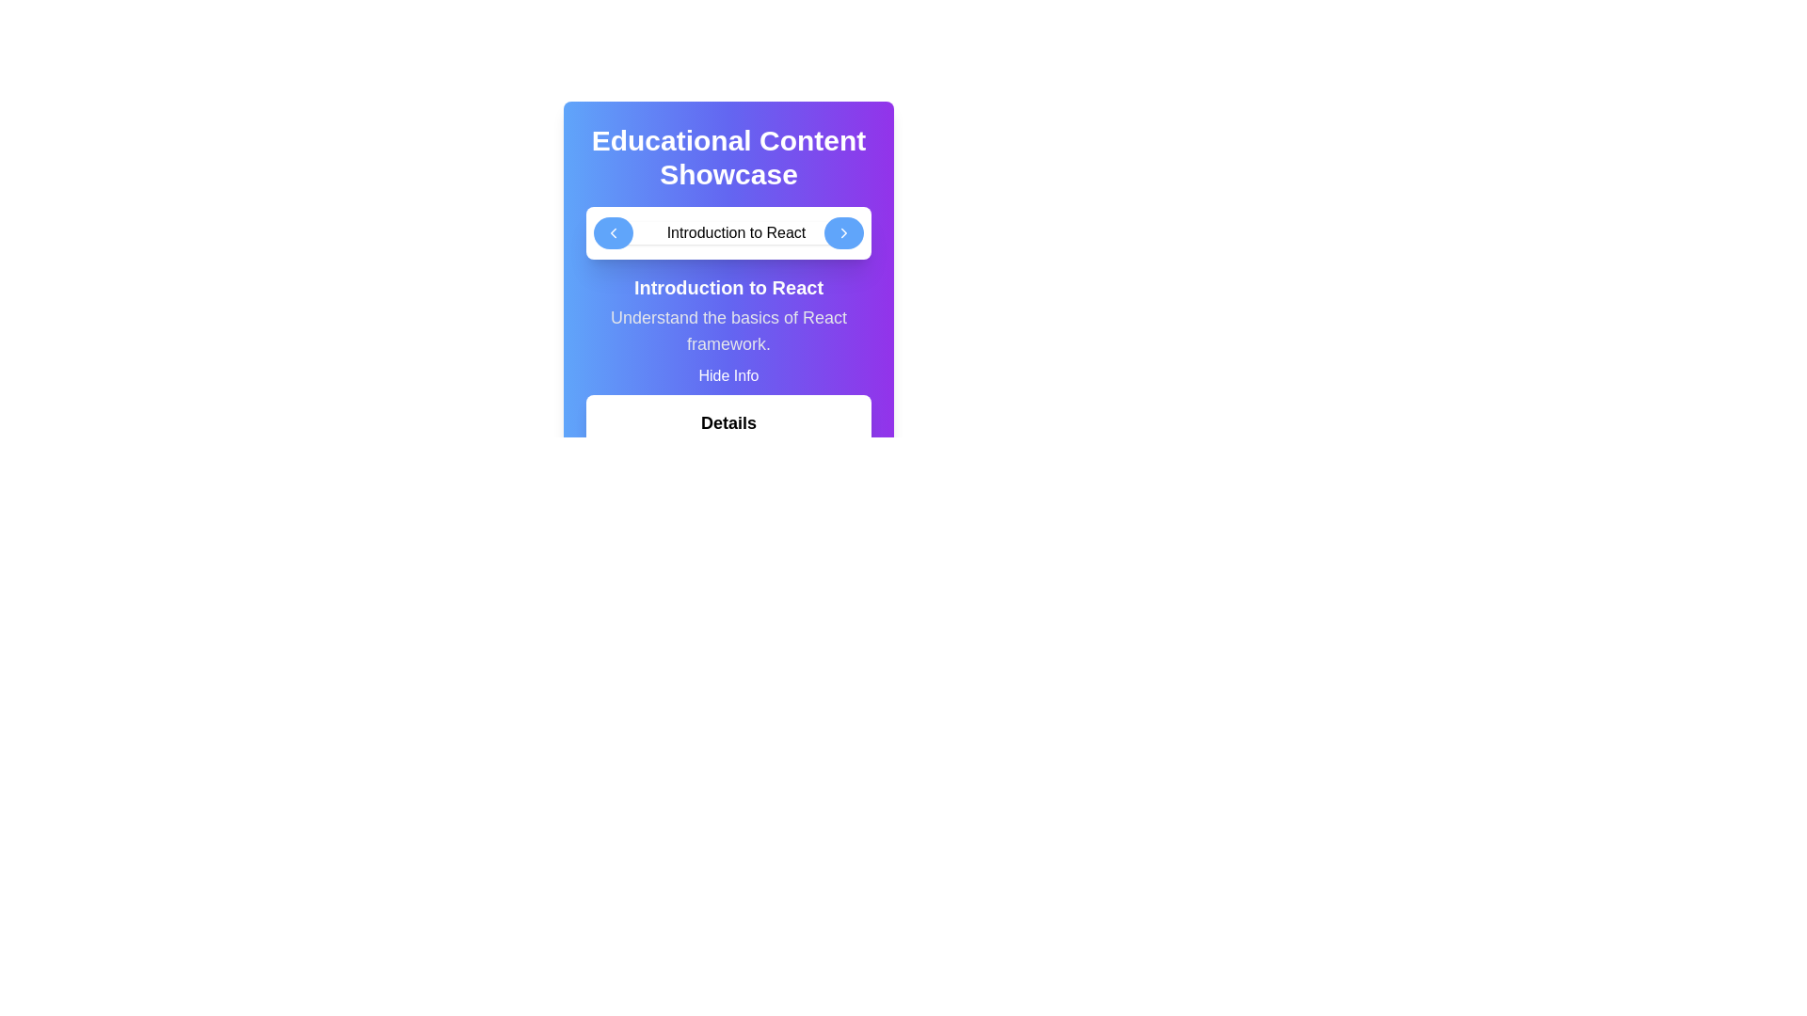  Describe the element at coordinates (843, 231) in the screenshot. I see `the forward chevron icon located at the center of the blue circular button in the horizontal navigation bar` at that location.